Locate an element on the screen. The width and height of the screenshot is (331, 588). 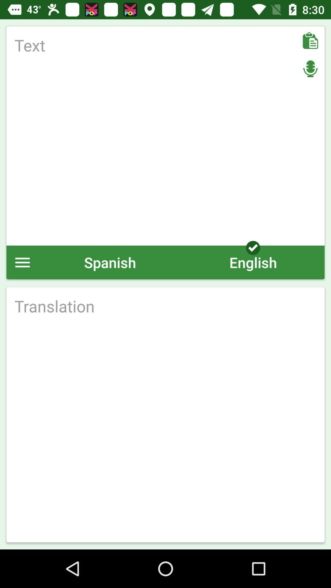
options menu is located at coordinates (22, 262).